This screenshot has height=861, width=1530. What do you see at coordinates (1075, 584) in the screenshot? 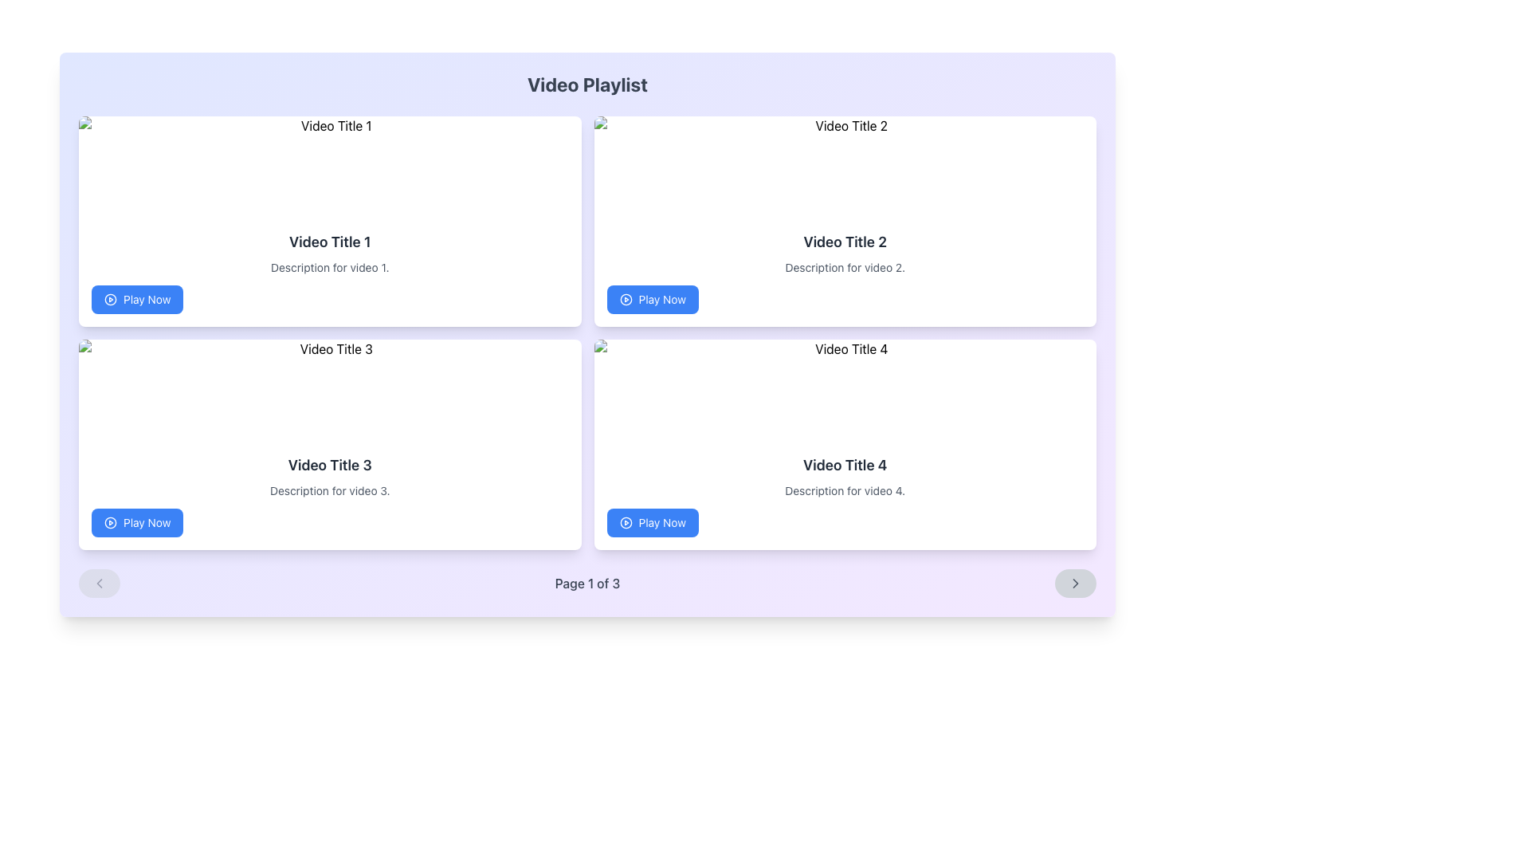
I see `the forward navigation button located at the far right of the pagination controls, next to the text 'Page 1 of 3', to provide visual feedback` at bounding box center [1075, 584].